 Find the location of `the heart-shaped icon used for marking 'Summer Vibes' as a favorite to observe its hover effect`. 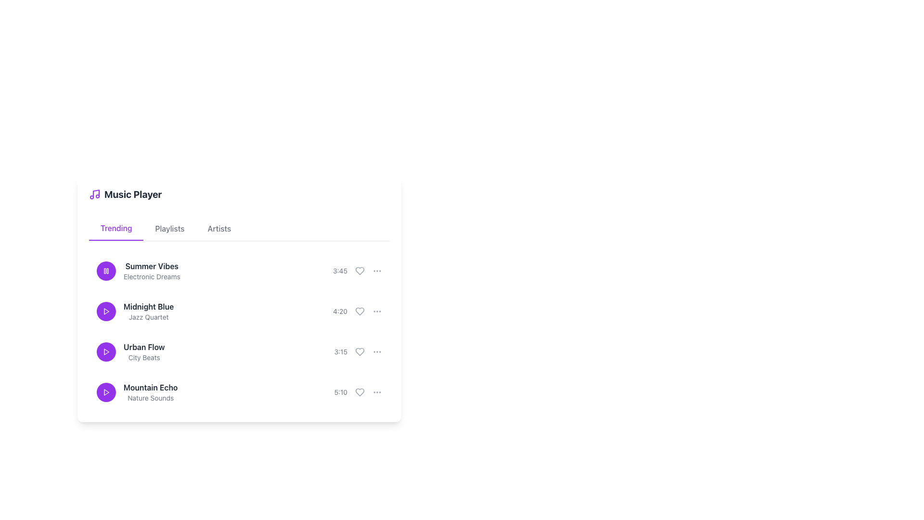

the heart-shaped icon used for marking 'Summer Vibes' as a favorite to observe its hover effect is located at coordinates (357, 271).